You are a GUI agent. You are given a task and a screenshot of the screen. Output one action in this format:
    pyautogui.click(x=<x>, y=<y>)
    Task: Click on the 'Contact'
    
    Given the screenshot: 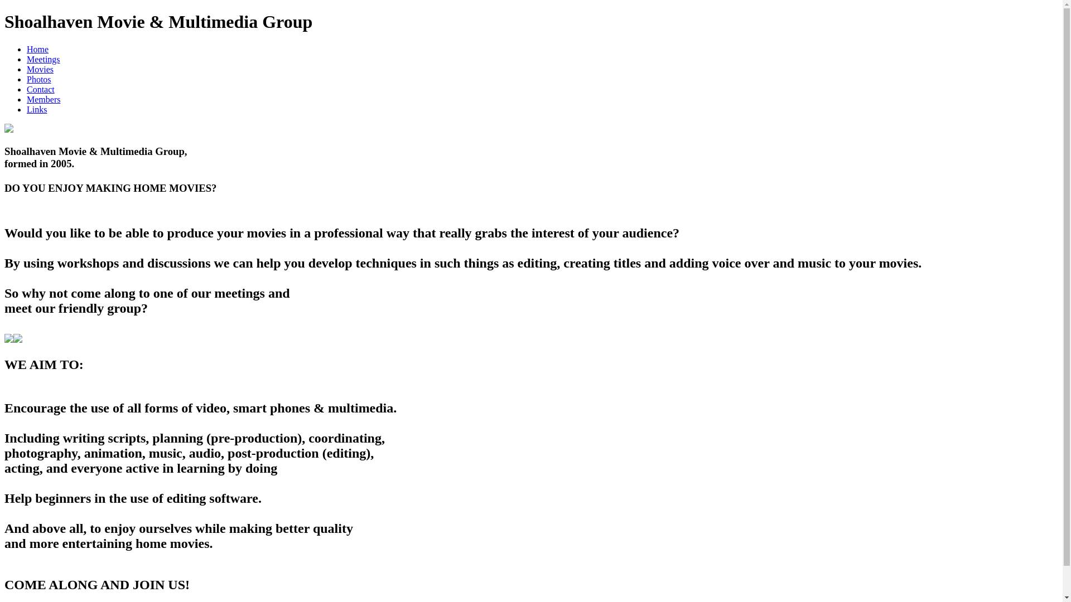 What is the action you would take?
    pyautogui.click(x=40, y=89)
    